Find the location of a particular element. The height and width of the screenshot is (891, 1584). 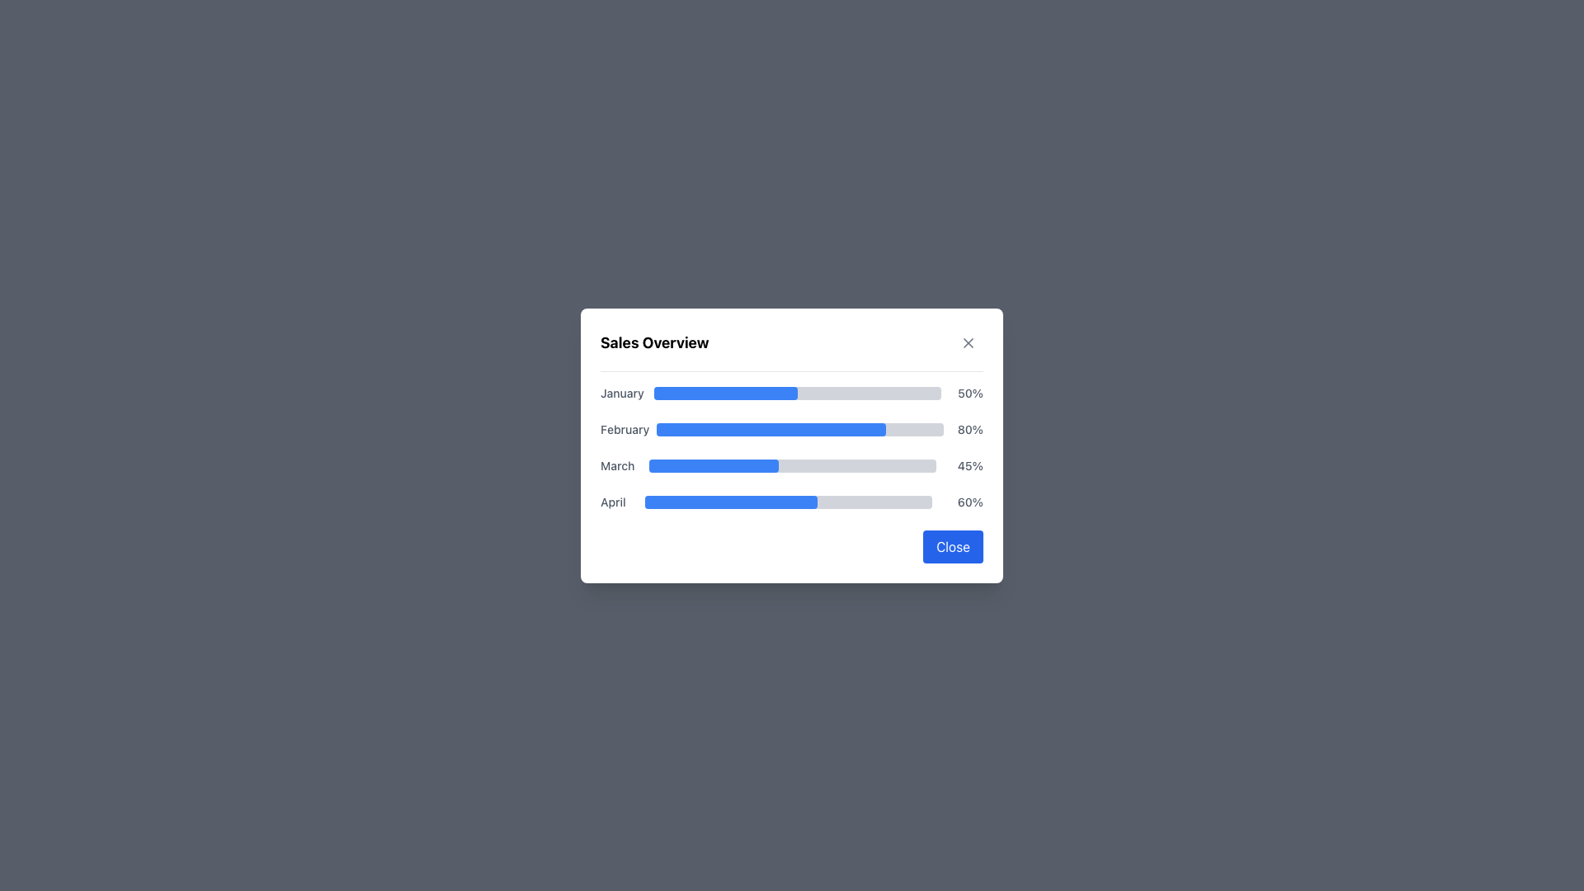

the Text label indicating the month of February, which is positioned in the second row of a modal or card component, aligned to the left of an 80% progress bar is located at coordinates (624, 428).